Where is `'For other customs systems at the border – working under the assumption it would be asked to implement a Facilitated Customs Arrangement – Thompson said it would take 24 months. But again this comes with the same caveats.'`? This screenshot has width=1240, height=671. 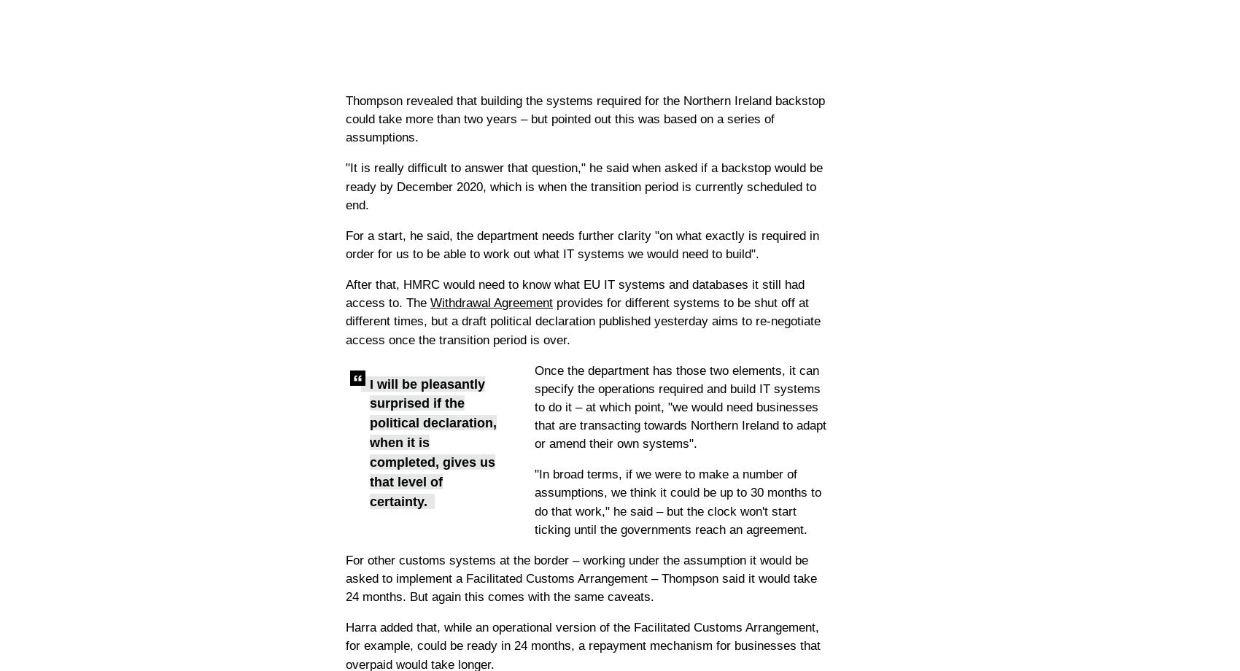
'For other customs systems at the border – working under the assumption it would be asked to implement a Facilitated Customs Arrangement – Thompson said it would take 24 months. But again this comes with the same caveats.' is located at coordinates (580, 578).